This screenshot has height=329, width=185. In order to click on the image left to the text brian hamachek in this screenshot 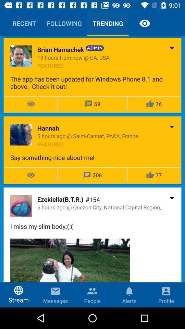, I will do `click(21, 56)`.